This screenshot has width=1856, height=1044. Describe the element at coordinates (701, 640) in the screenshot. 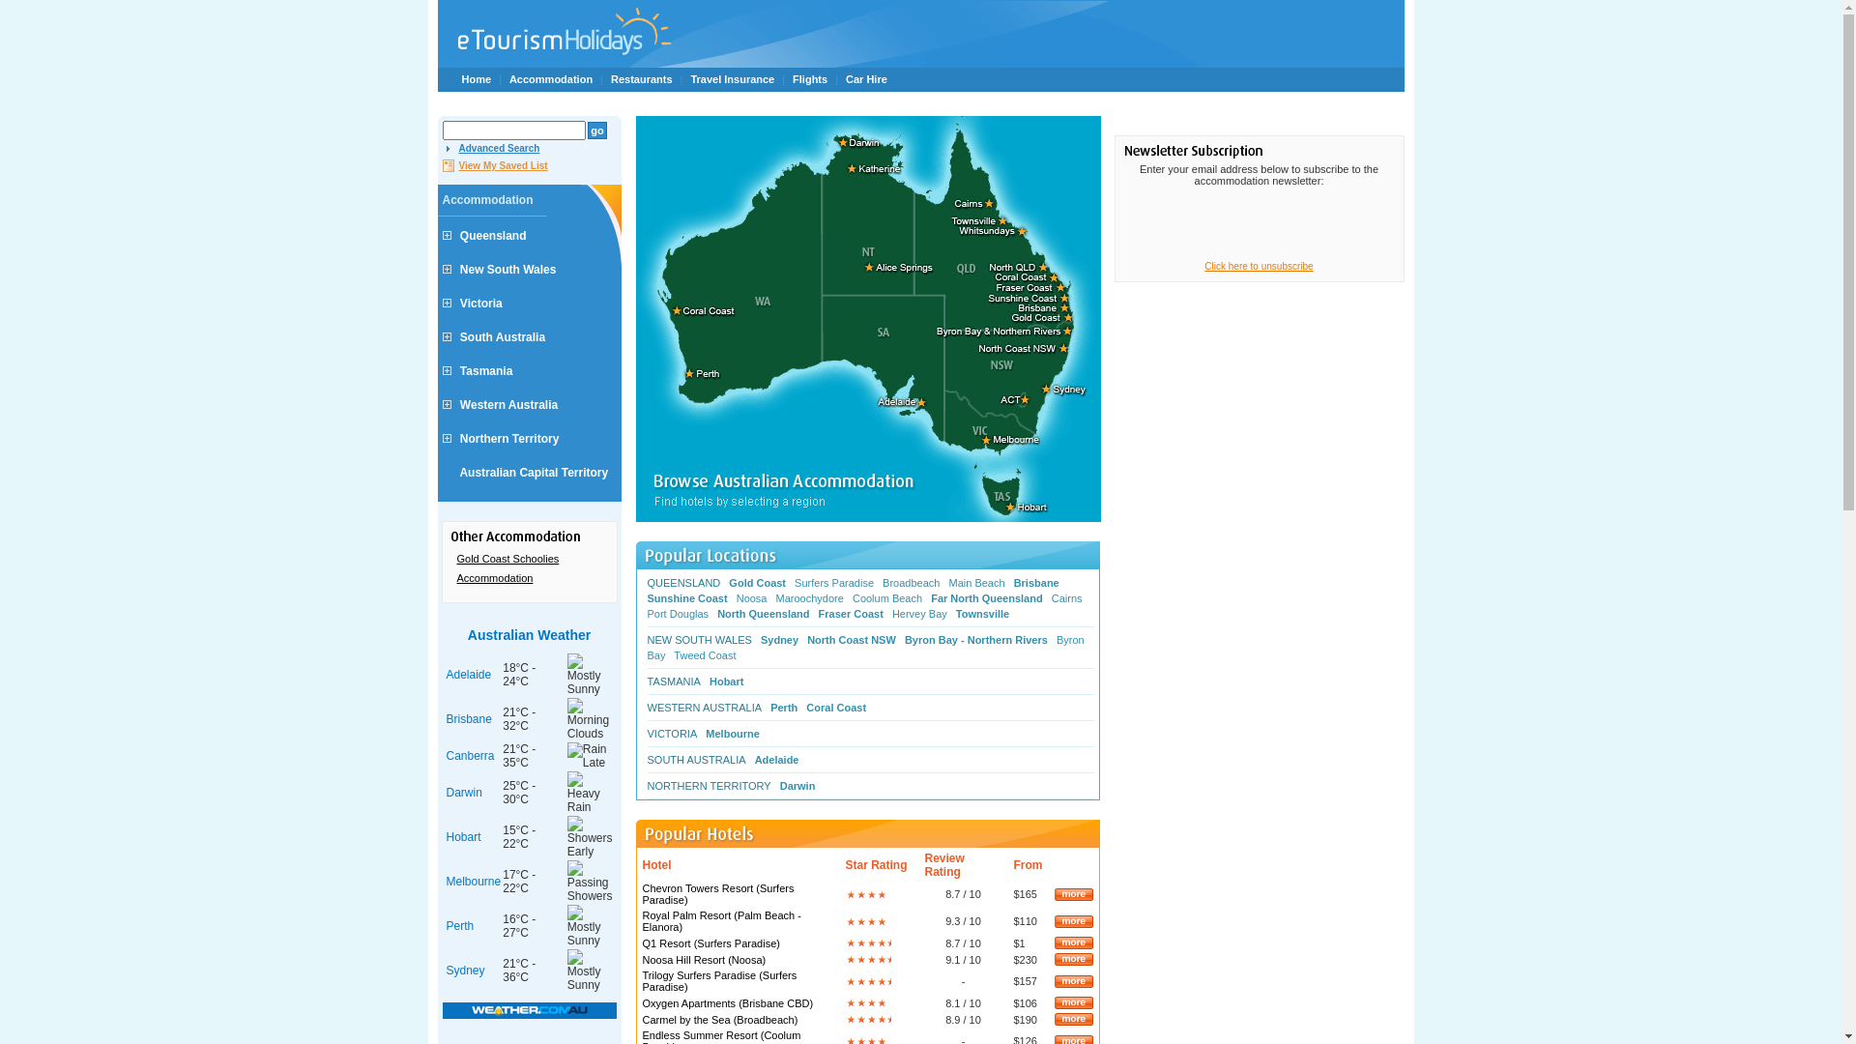

I see `'NEW SOUTH WALES'` at that location.